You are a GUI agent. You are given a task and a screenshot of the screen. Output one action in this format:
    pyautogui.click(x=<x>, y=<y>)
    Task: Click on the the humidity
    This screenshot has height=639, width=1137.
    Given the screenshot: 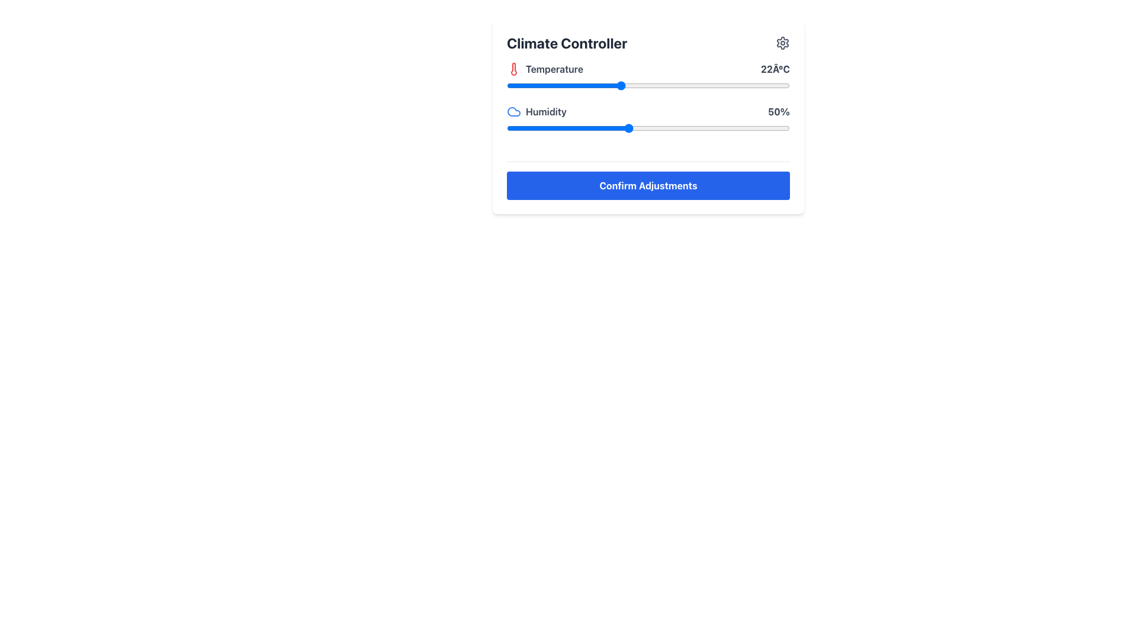 What is the action you would take?
    pyautogui.click(x=696, y=128)
    